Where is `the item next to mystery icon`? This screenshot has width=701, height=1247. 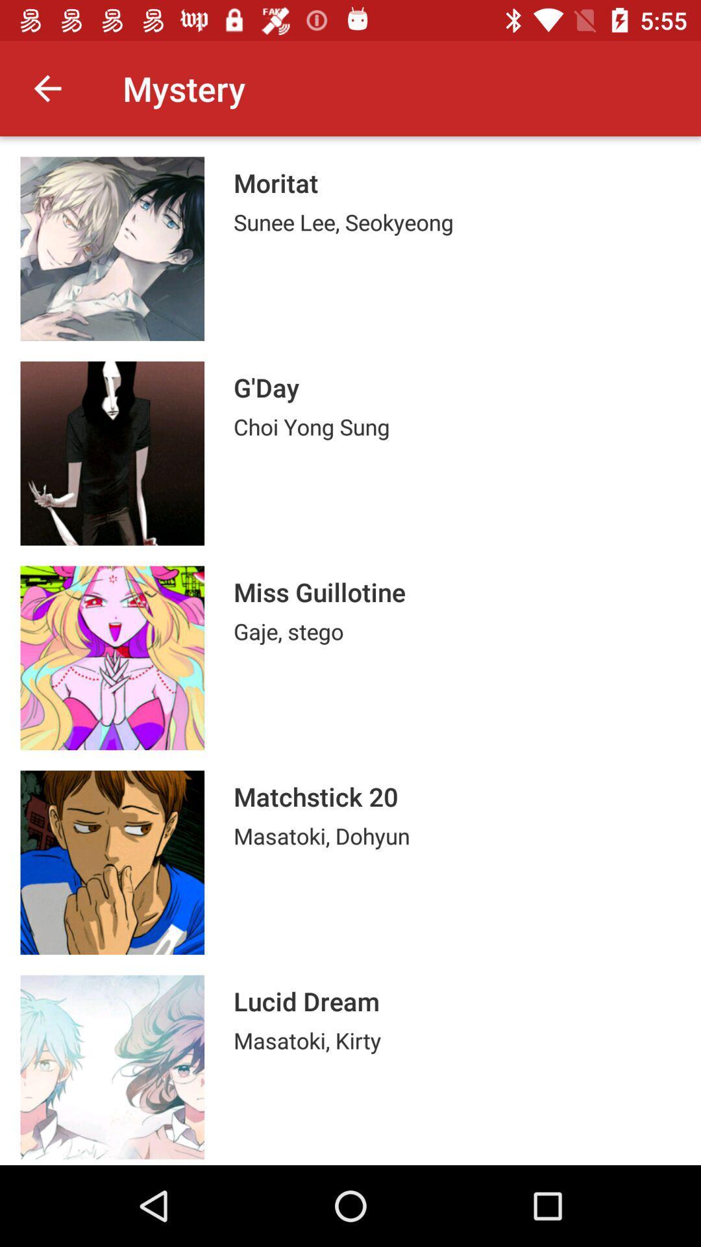 the item next to mystery icon is located at coordinates (47, 88).